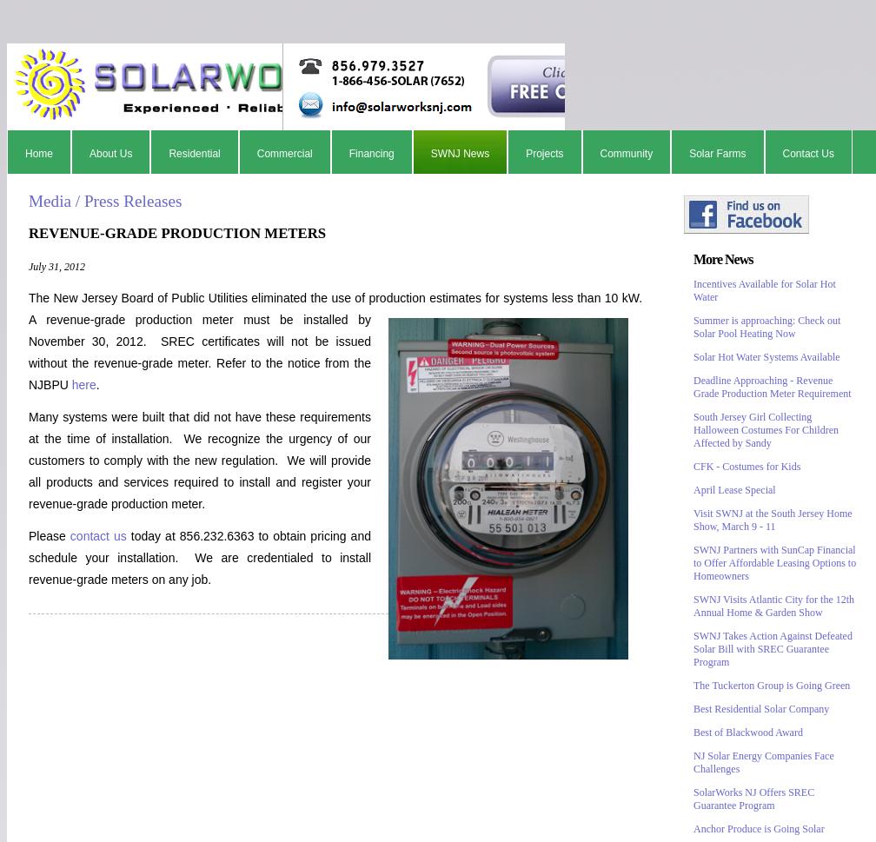  I want to click on 'contact us', so click(70, 534).